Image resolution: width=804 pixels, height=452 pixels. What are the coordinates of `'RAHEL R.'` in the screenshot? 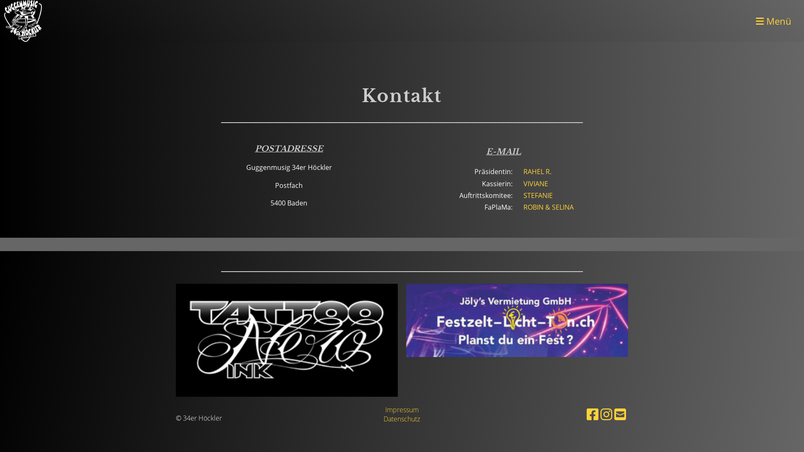 It's located at (537, 171).